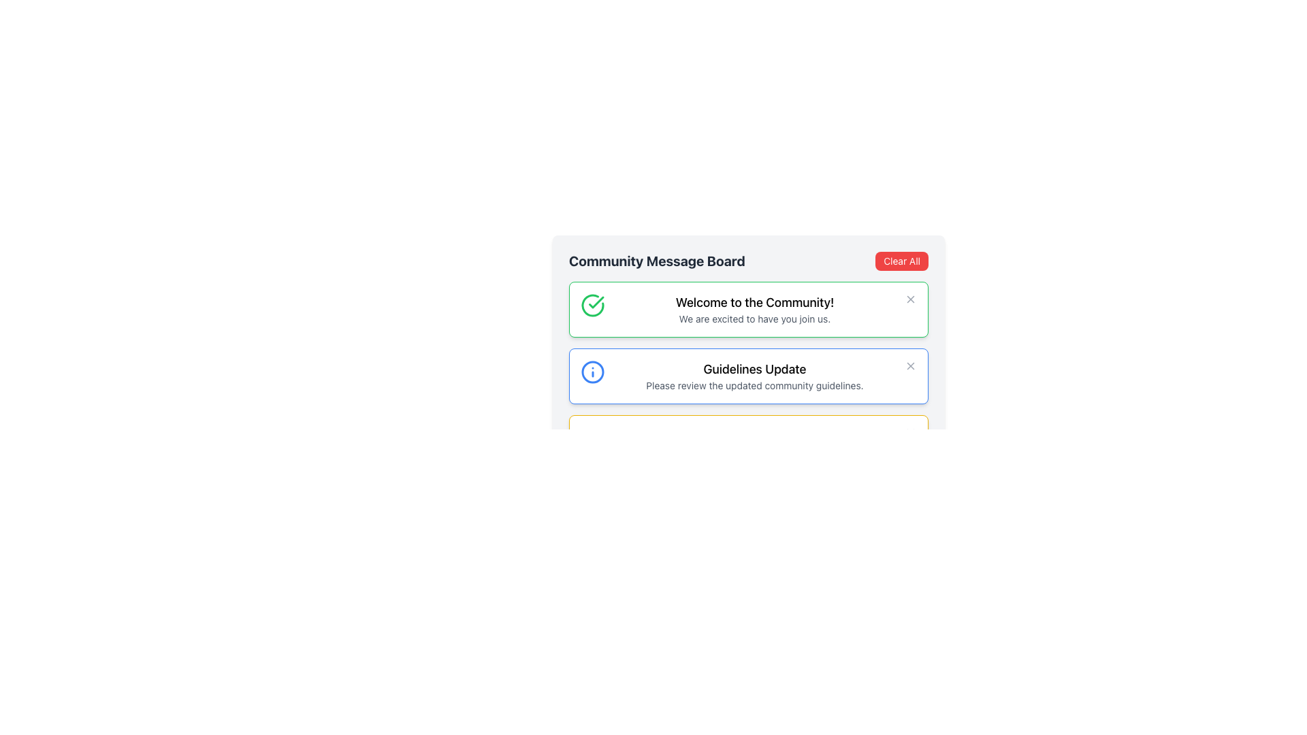  What do you see at coordinates (754, 386) in the screenshot?
I see `the static text label that reads 'Please review the updated community guidelines.' positioned beneath the 'Guidelines Update' heading in the notification box on the Community Message Board interface` at bounding box center [754, 386].